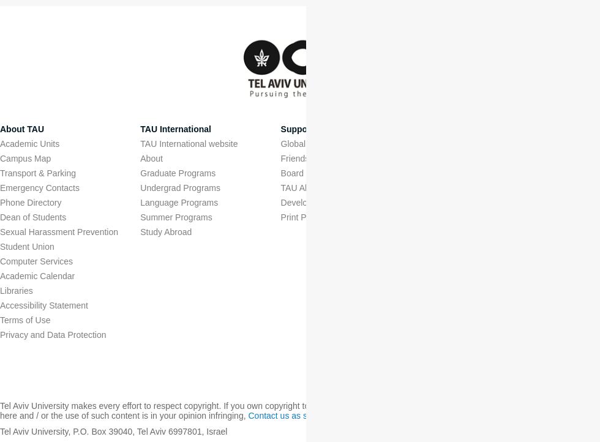 Image resolution: width=600 pixels, height=442 pixels. What do you see at coordinates (302, 187) in the screenshot?
I see `'TAU Alumni'` at bounding box center [302, 187].